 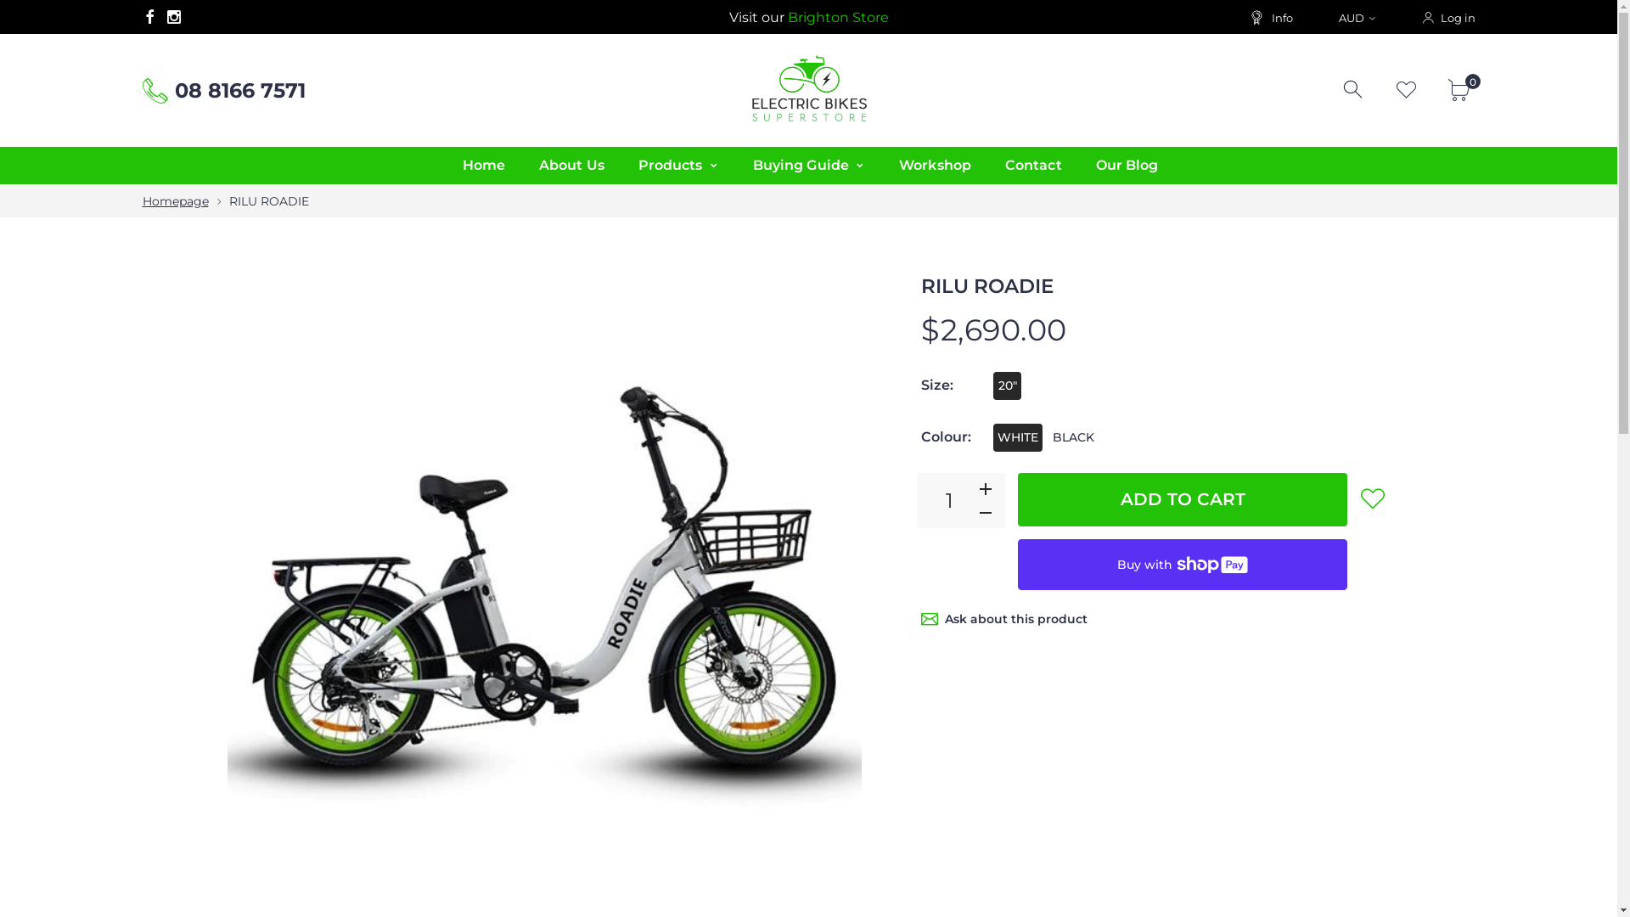 I want to click on 'Search', so click(x=1352, y=89).